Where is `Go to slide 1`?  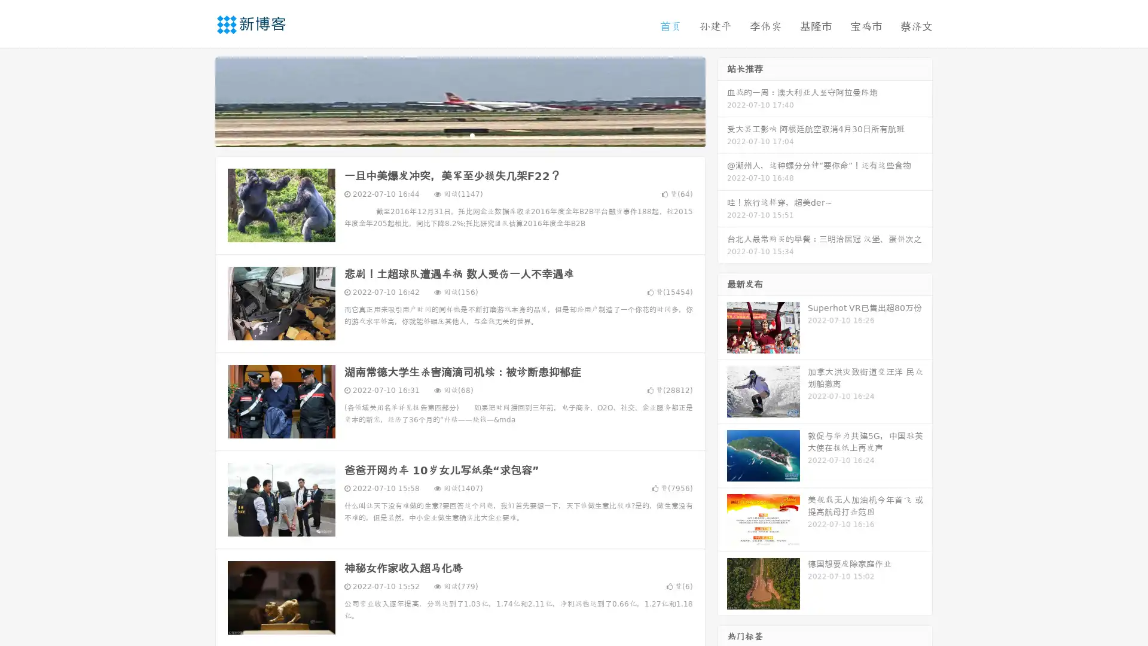 Go to slide 1 is located at coordinates (447, 135).